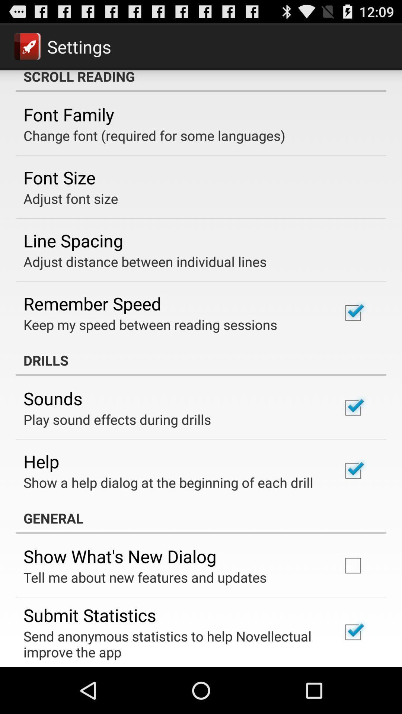  What do you see at coordinates (150, 325) in the screenshot?
I see `the item above the drills app` at bounding box center [150, 325].